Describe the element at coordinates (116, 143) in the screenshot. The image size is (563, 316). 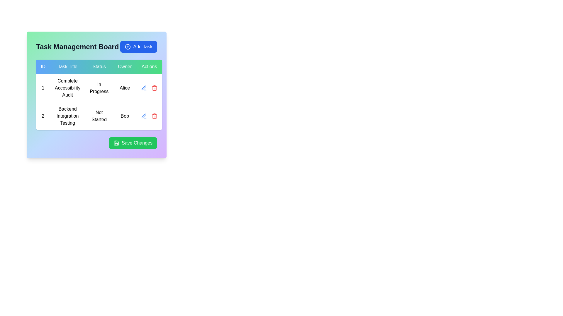
I see `the save button icon` at that location.